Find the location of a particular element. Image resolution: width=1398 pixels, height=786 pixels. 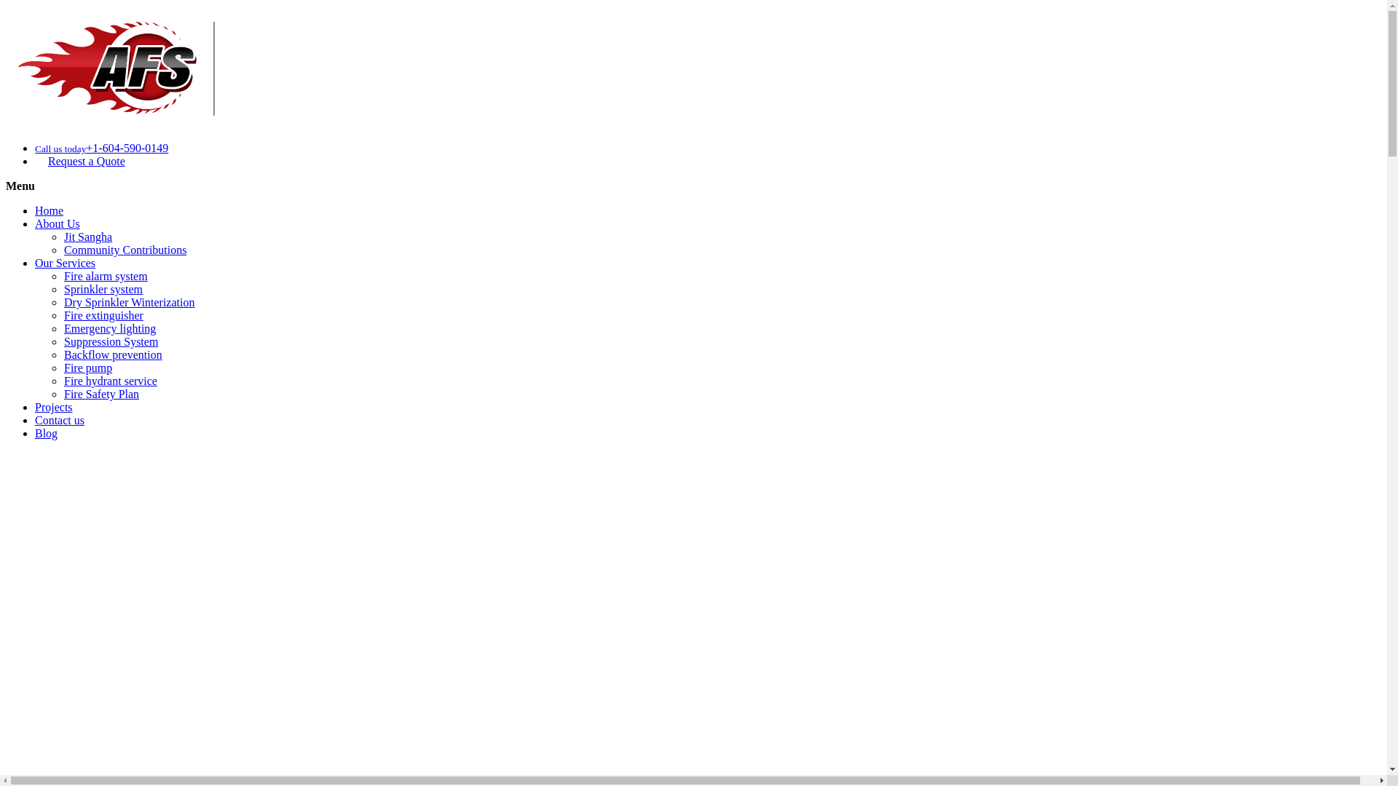

'Contact us' is located at coordinates (58, 420).